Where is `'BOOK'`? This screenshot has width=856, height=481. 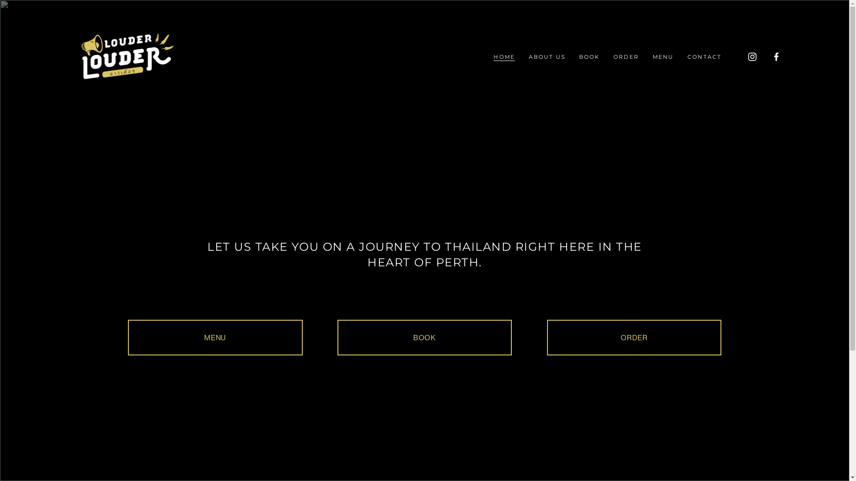
'BOOK' is located at coordinates (424, 338).